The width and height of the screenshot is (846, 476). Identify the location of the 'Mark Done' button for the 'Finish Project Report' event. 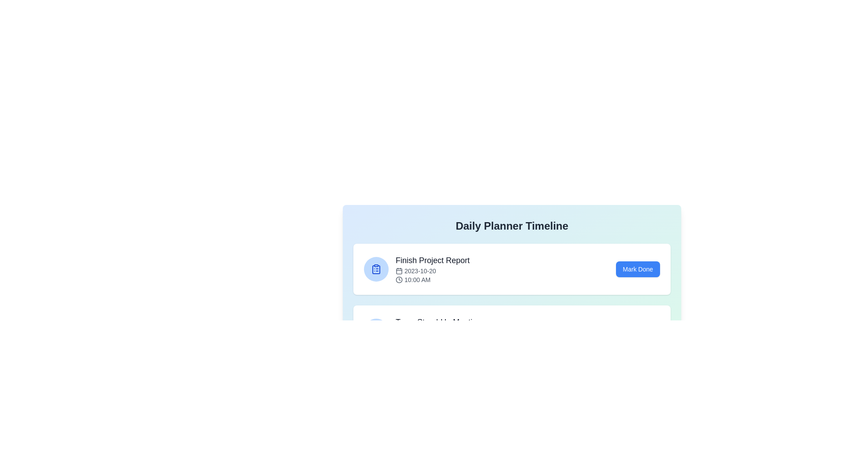
(638, 268).